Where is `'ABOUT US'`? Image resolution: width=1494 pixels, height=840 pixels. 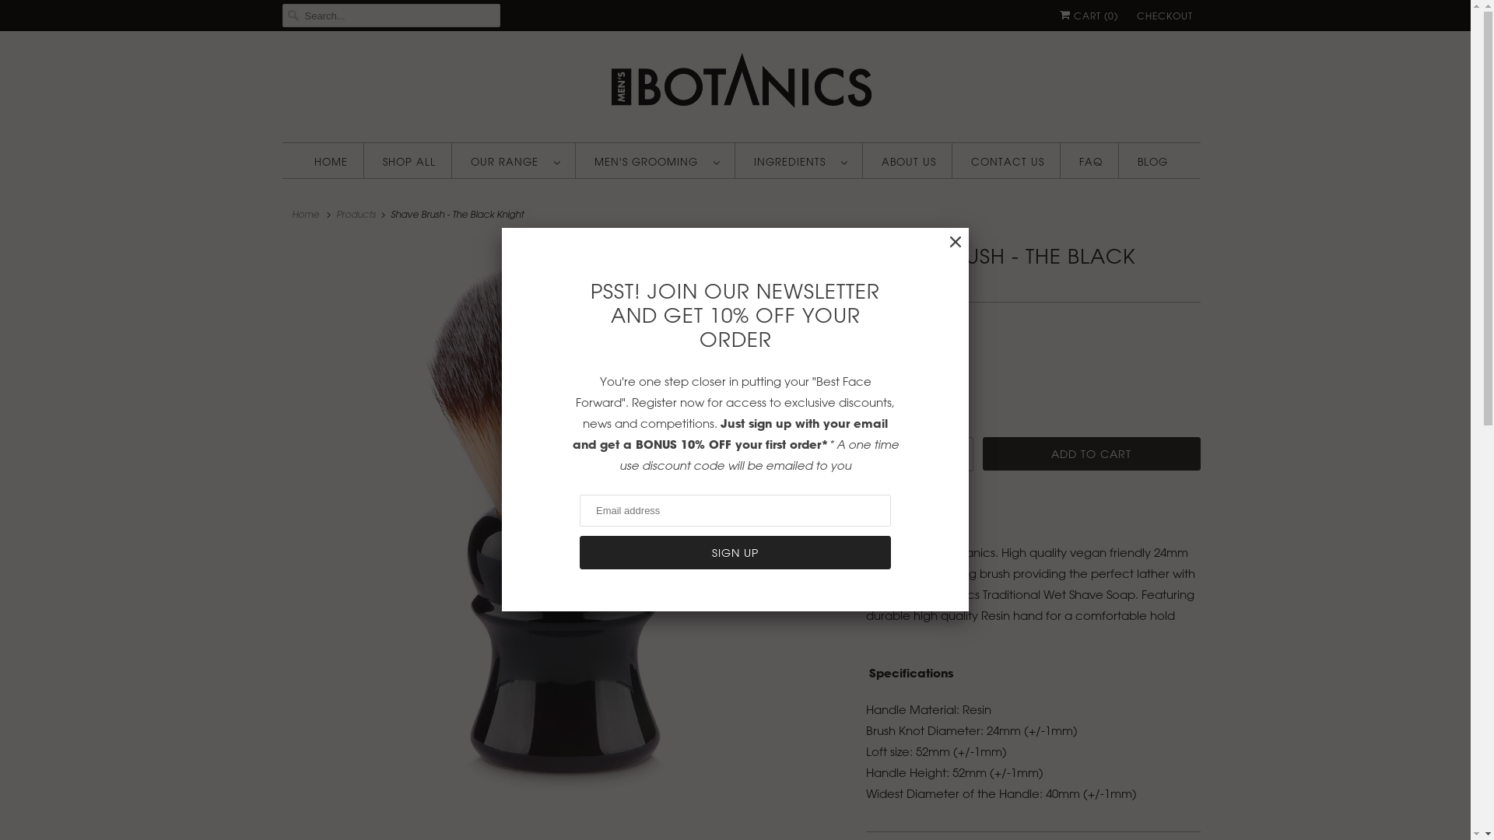
'ABOUT US' is located at coordinates (908, 161).